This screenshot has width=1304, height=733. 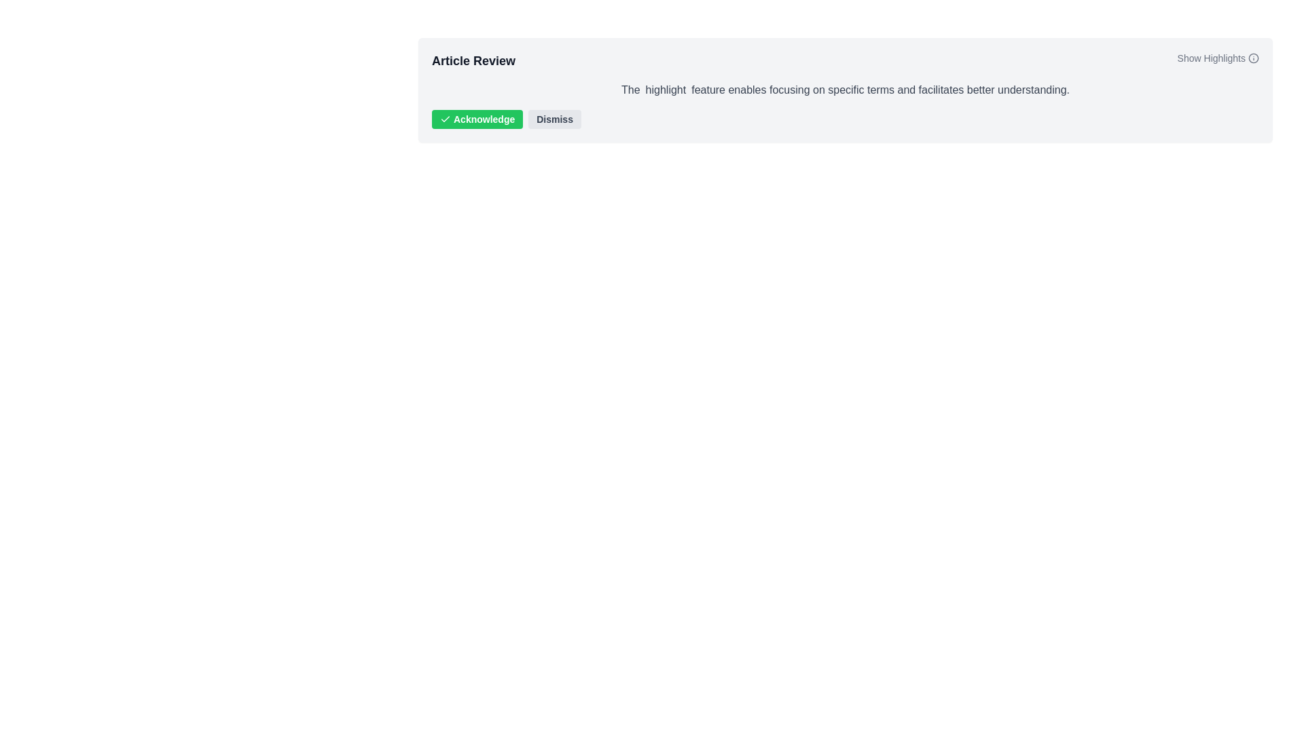 What do you see at coordinates (555, 119) in the screenshot?
I see `the 'Dismiss' button, which is a rectangular button with a light gray background and labeled in dark gray bold text, to observe styling effects` at bounding box center [555, 119].